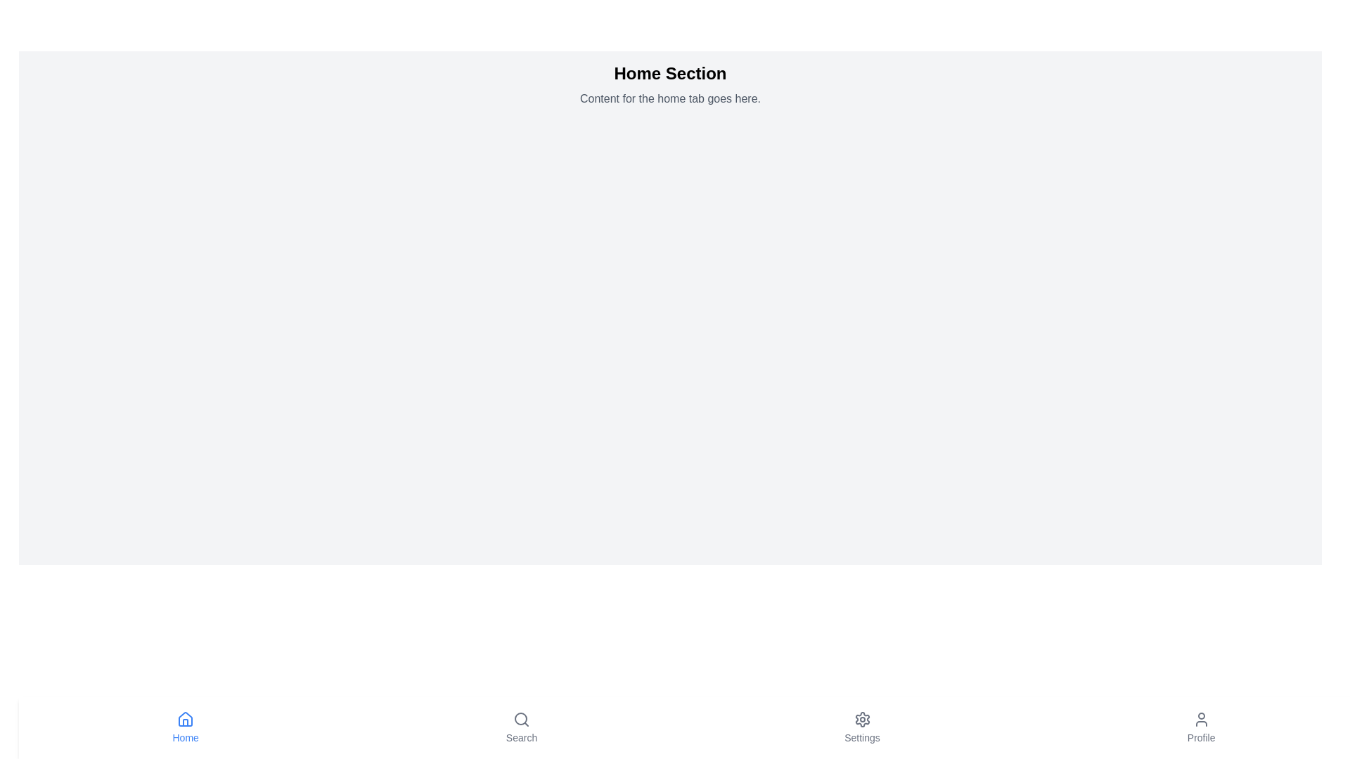 The height and width of the screenshot is (759, 1350). Describe the element at coordinates (669, 73) in the screenshot. I see `centered heading text 'Home Section' which is bold and large, located at the top of the content area` at that location.